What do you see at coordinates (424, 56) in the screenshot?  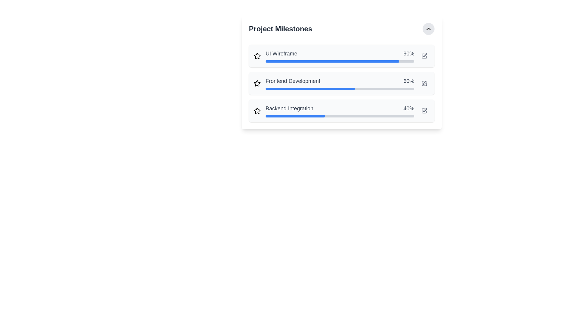 I see `the edit action icon located at the upper-right corner of the first milestone entry for 'UI Wireframe' to change its color` at bounding box center [424, 56].